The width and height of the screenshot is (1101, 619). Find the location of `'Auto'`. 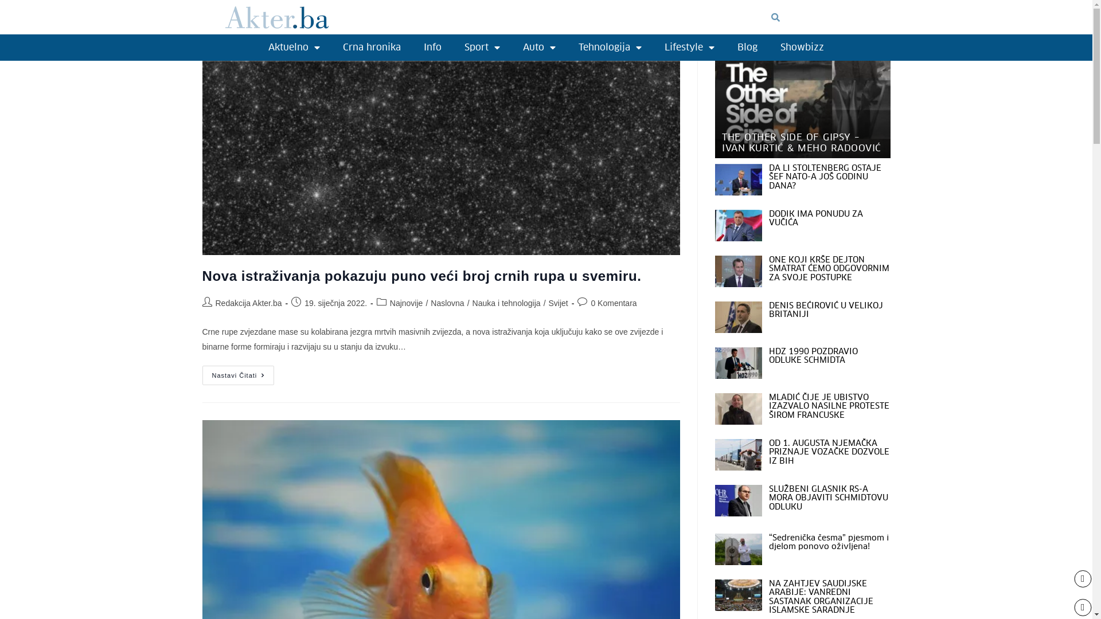

'Auto' is located at coordinates (511, 47).